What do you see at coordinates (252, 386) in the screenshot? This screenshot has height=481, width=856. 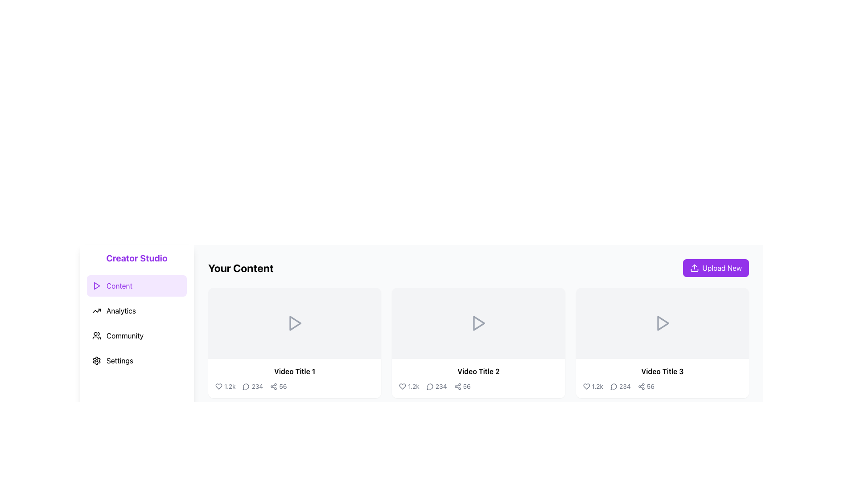 I see `the Text element displaying the number '234', located in the metadata row below the first video thumbnail in the 'Your Content' section, positioned to the right of a speech bubble icon` at bounding box center [252, 386].